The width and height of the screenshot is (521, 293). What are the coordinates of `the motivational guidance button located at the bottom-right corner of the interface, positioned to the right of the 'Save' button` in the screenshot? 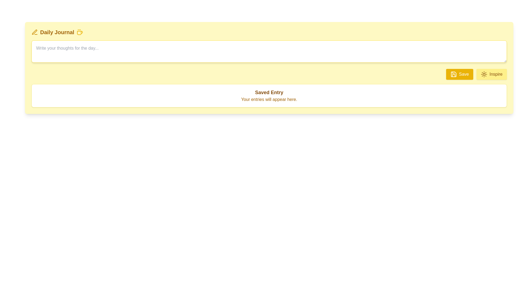 It's located at (491, 74).